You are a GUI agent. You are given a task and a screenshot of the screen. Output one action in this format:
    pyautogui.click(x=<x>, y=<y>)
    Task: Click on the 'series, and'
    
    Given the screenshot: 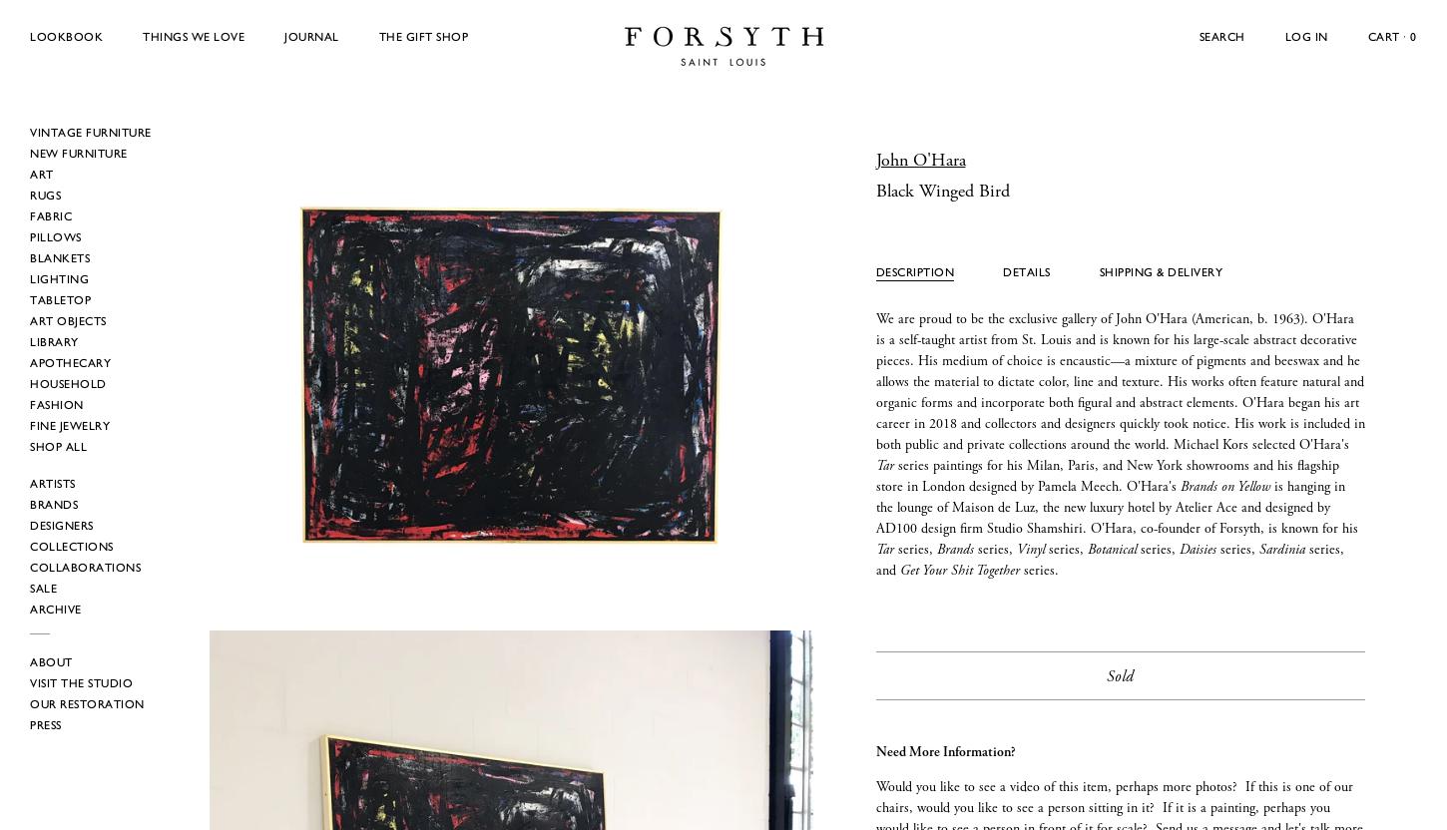 What is the action you would take?
    pyautogui.click(x=1108, y=560)
    